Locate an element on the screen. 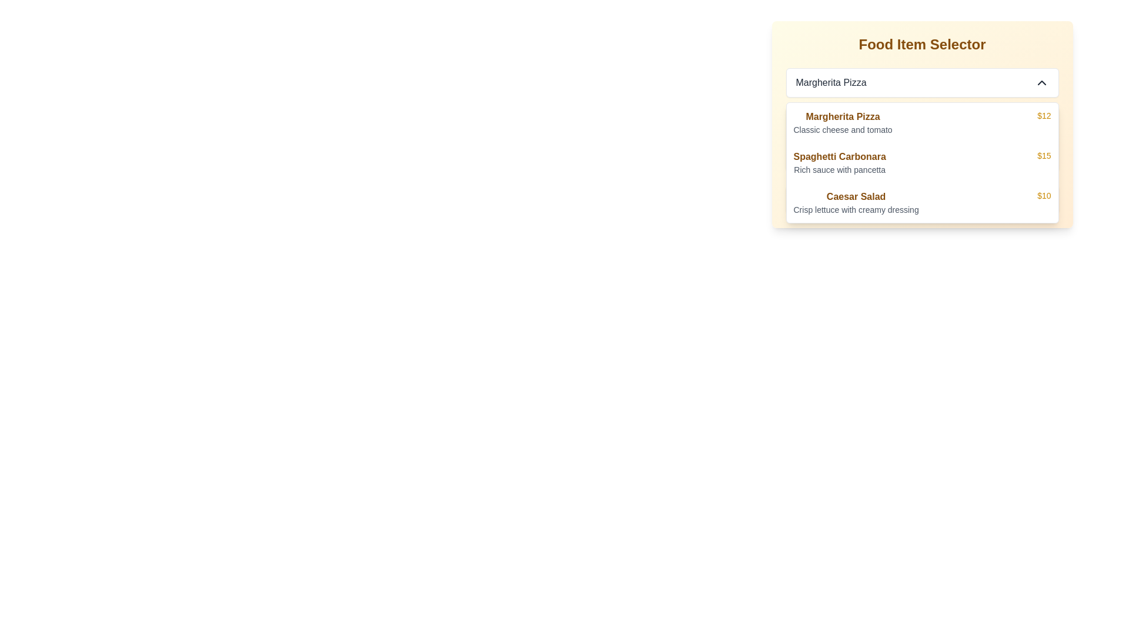 Image resolution: width=1129 pixels, height=635 pixels. the Text Display element featuring the title 'Margherita Pizza' and the description 'Classic cheese and tomato', which is the first entry in the food selection list is located at coordinates (842, 122).